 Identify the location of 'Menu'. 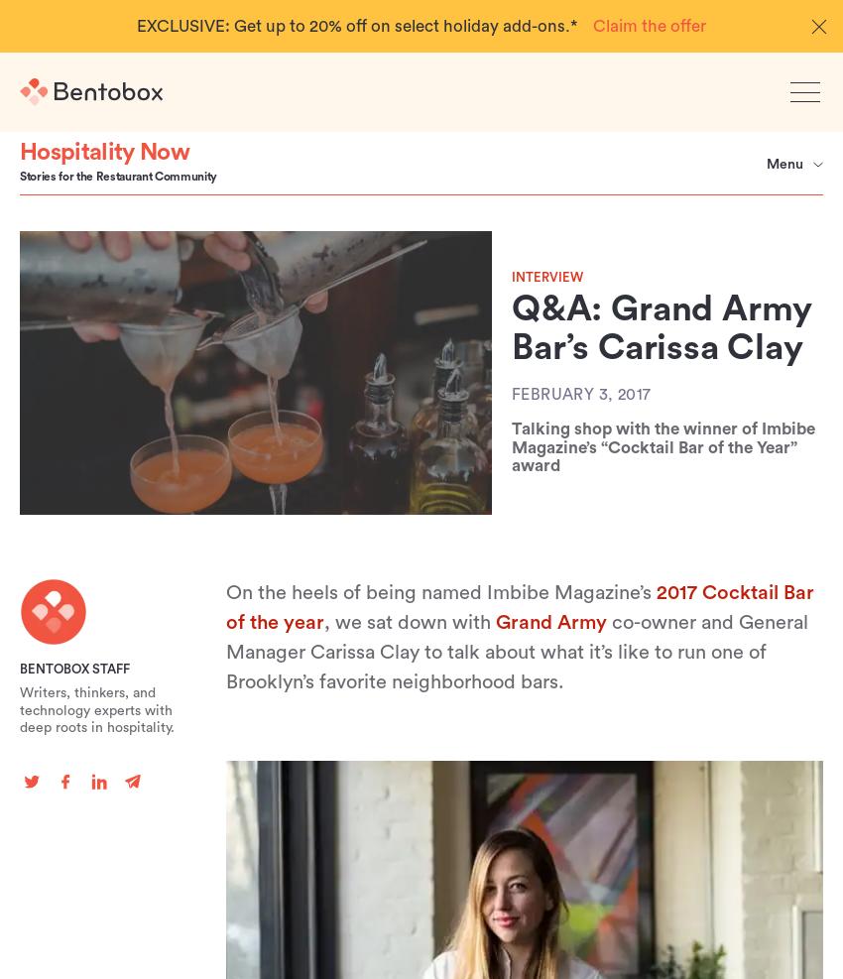
(765, 163).